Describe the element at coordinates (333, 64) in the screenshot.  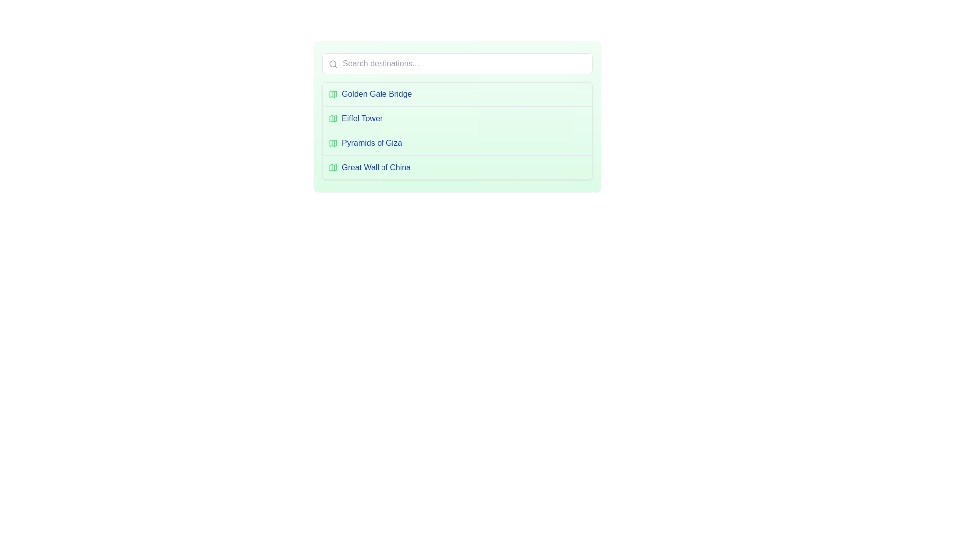
I see `the central circular part of the search icon, which is outlined with a thin stroke and located at the top-left corner of the search input field near the placeholder text 'Search destinations...'` at that location.